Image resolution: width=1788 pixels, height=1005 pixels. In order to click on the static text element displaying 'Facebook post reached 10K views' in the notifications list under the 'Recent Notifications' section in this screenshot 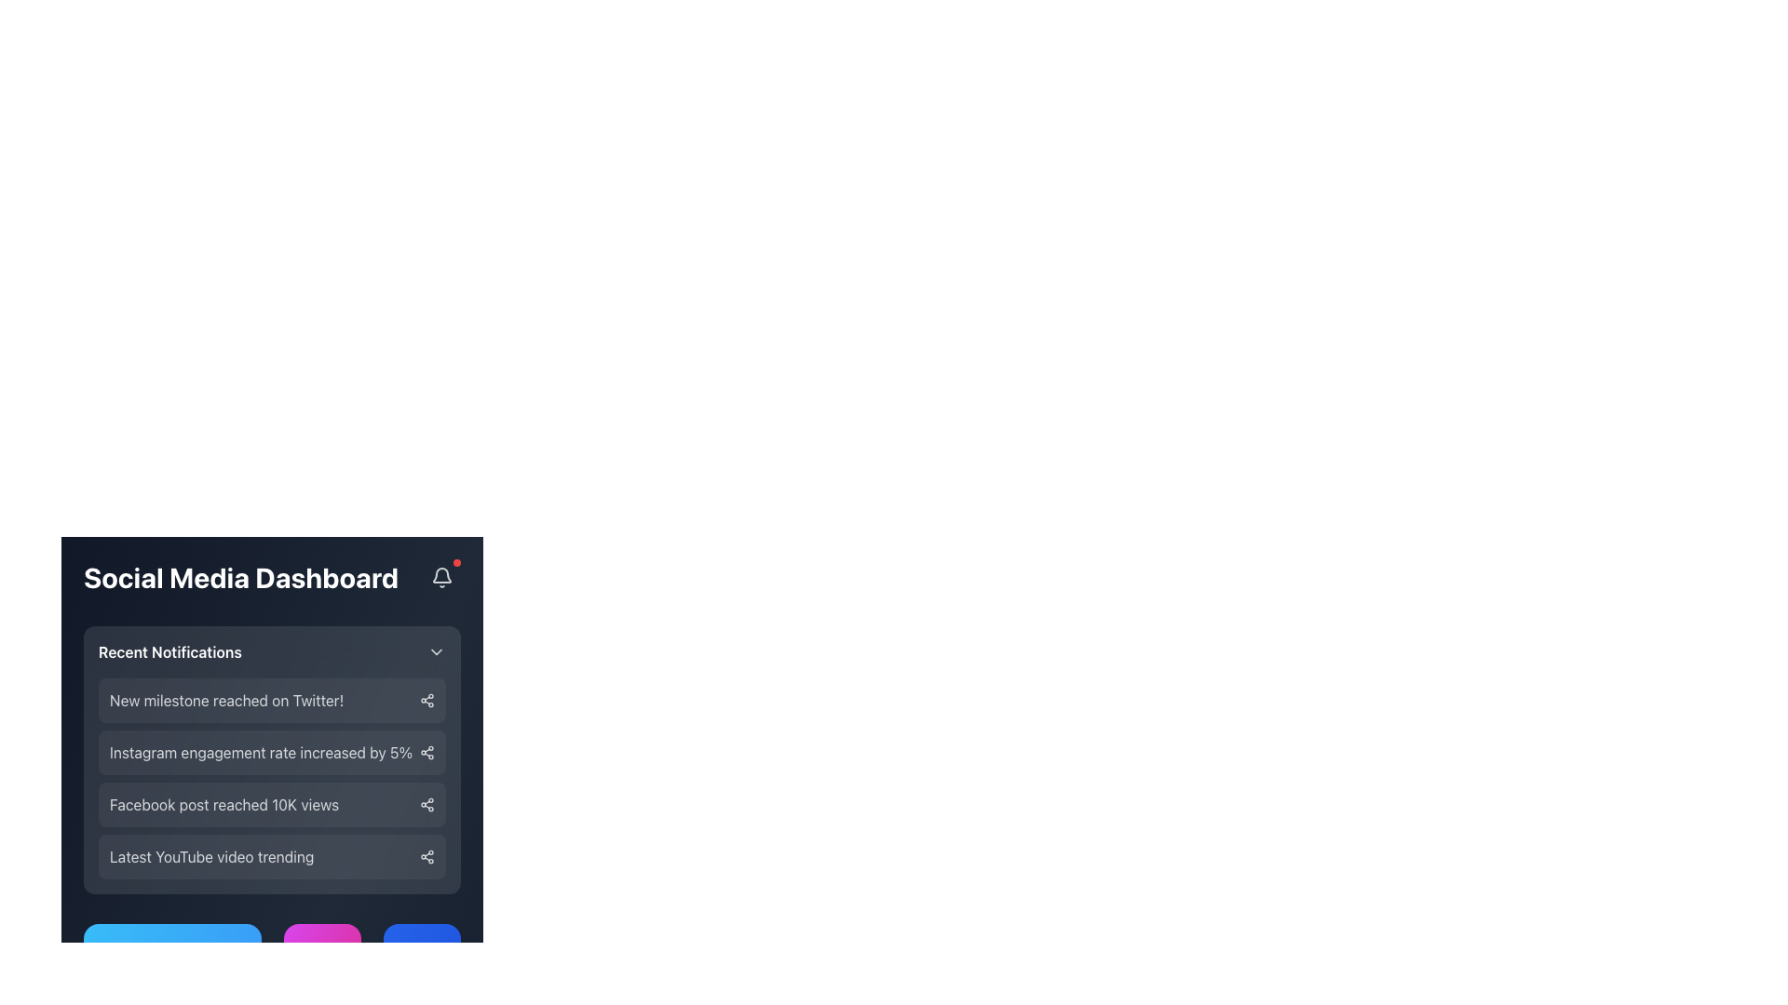, I will do `click(223, 803)`.